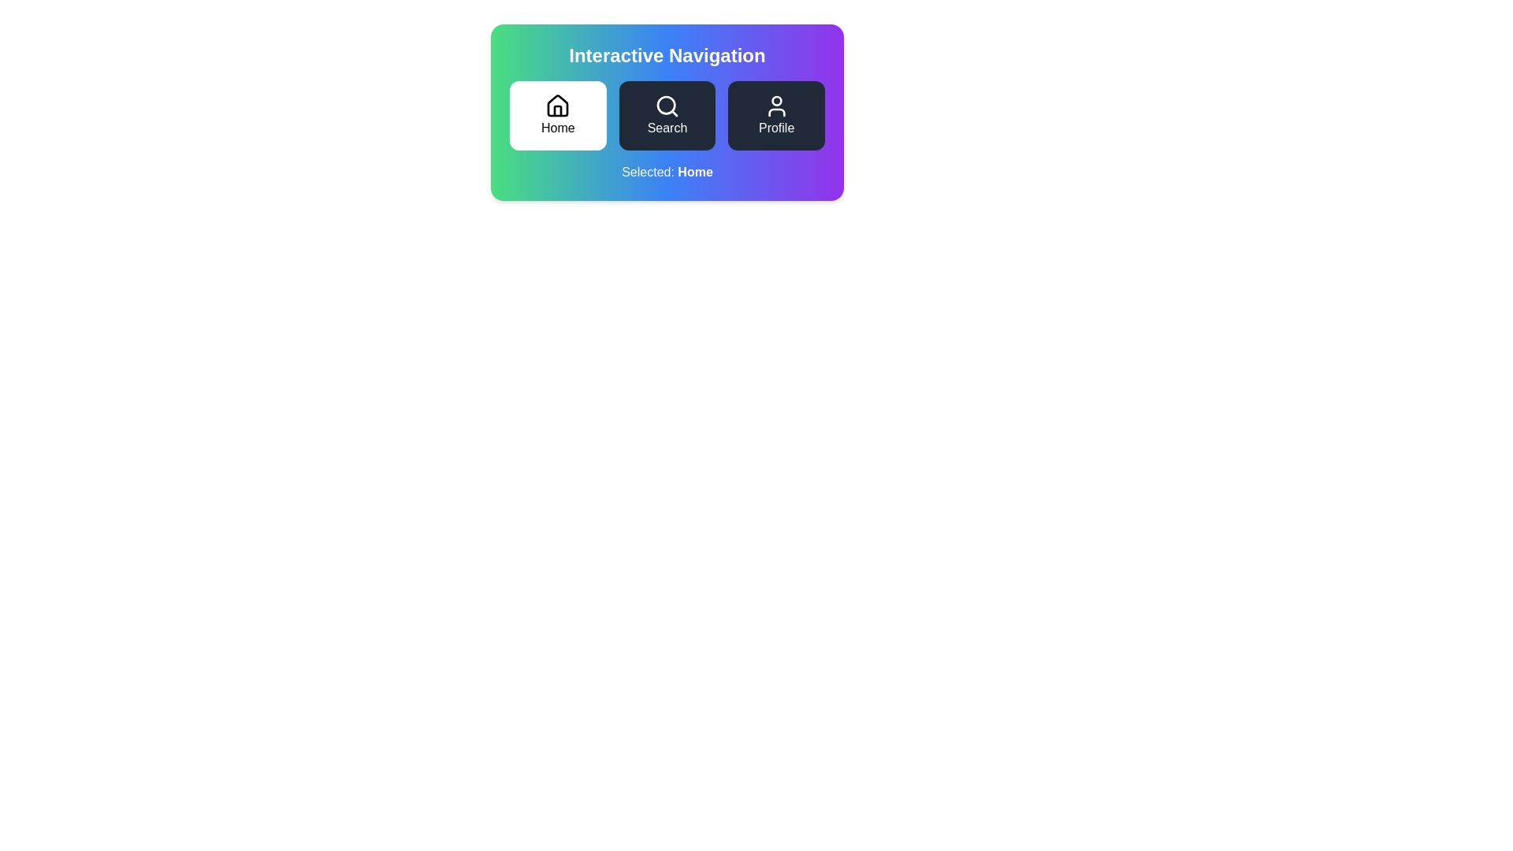 The width and height of the screenshot is (1513, 851). Describe the element at coordinates (558, 114) in the screenshot. I see `the 'Home' navigation button to observe the hover state effect` at that location.